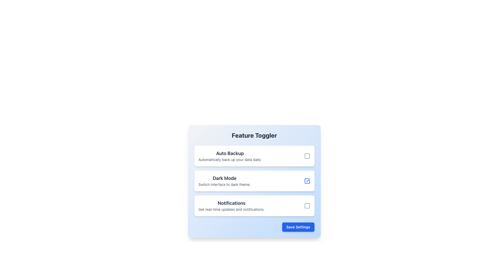 This screenshot has height=280, width=497. I want to click on the heading element that serves as a title for the feature toggler section, which is centrally aligned above the listed features, so click(254, 135).